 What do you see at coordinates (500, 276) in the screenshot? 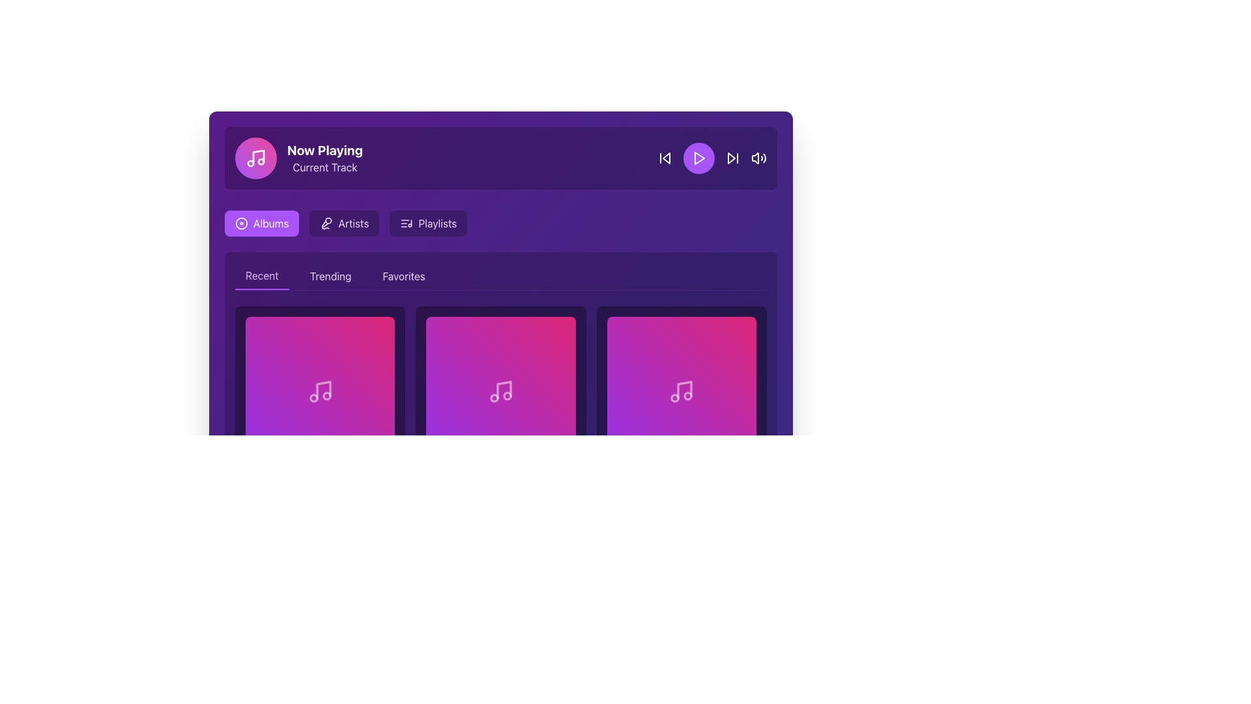
I see `the 'Favorites' tab in the Tab navigation bar` at bounding box center [500, 276].